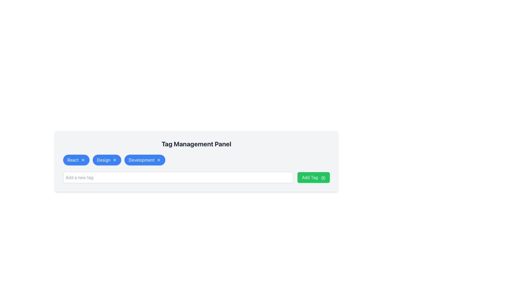  What do you see at coordinates (114, 160) in the screenshot?
I see `the Icon button that removes the 'Design' tag` at bounding box center [114, 160].